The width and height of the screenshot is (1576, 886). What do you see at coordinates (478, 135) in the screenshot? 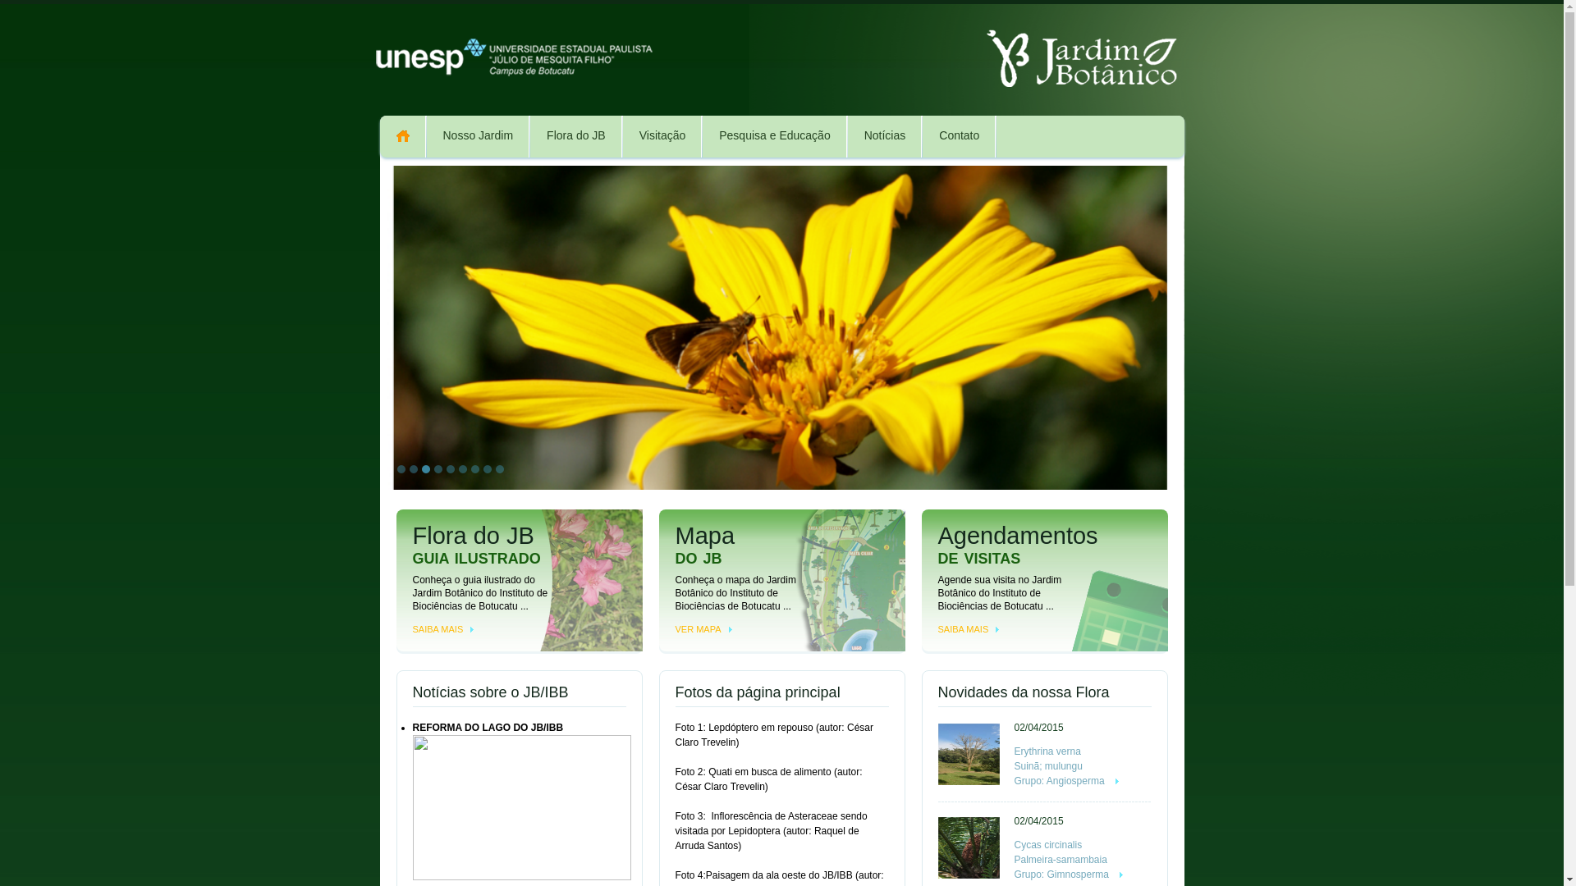
I see `'Nosso Jardim'` at bounding box center [478, 135].